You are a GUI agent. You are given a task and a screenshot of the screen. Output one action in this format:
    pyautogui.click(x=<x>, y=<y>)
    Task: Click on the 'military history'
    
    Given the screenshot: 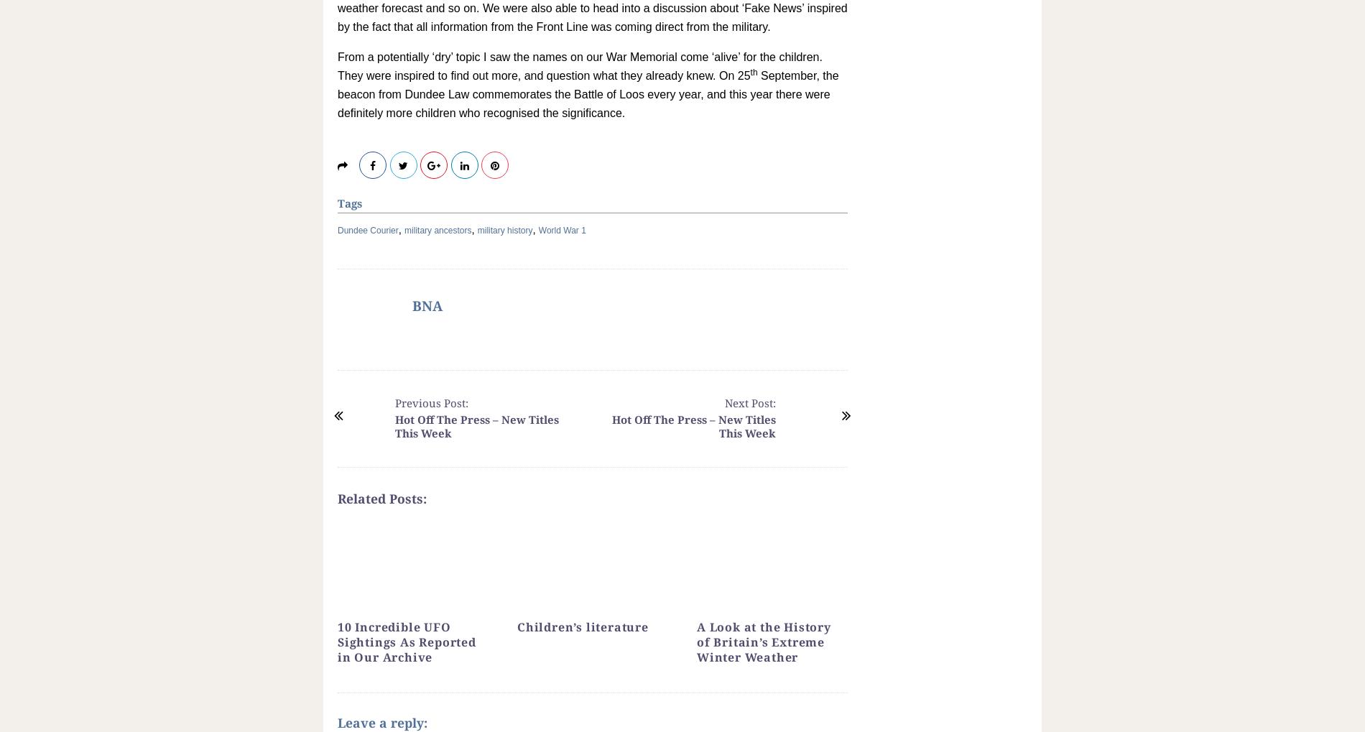 What is the action you would take?
    pyautogui.click(x=504, y=229)
    